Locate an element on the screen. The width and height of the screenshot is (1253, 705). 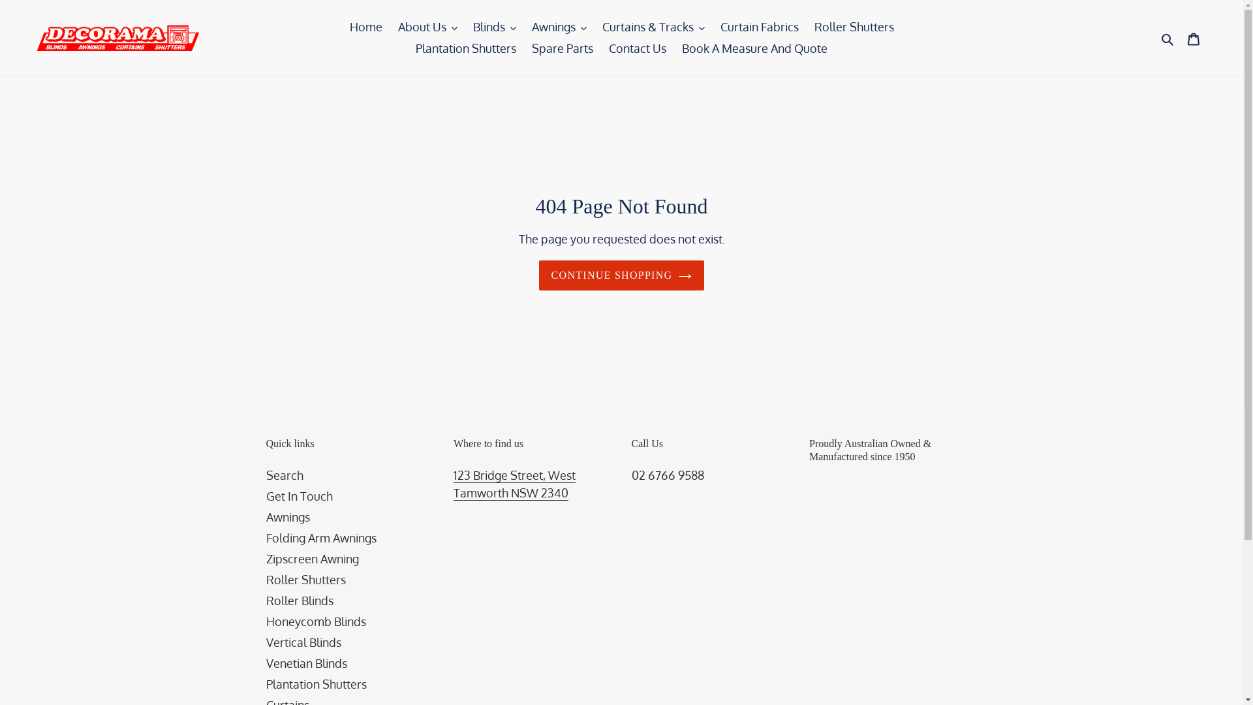
'CONTINUE SHOPPING' is located at coordinates (621, 274).